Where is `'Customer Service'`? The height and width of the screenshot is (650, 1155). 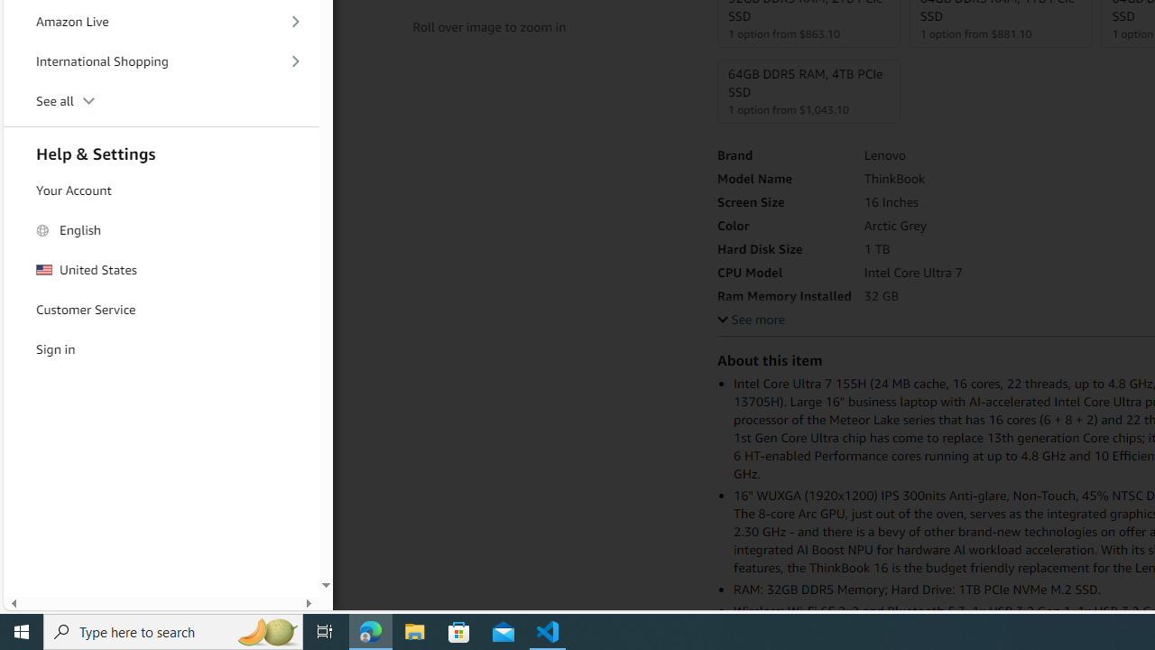
'Customer Service' is located at coordinates (162, 309).